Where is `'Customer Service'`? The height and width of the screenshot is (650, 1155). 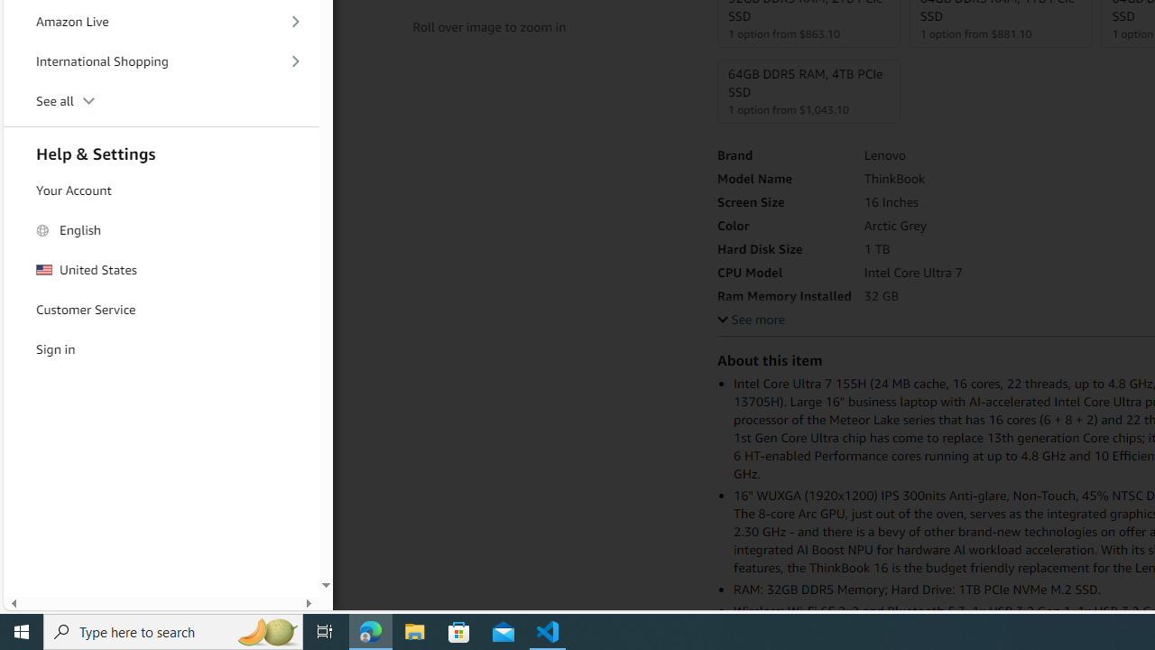
'Customer Service' is located at coordinates (162, 309).